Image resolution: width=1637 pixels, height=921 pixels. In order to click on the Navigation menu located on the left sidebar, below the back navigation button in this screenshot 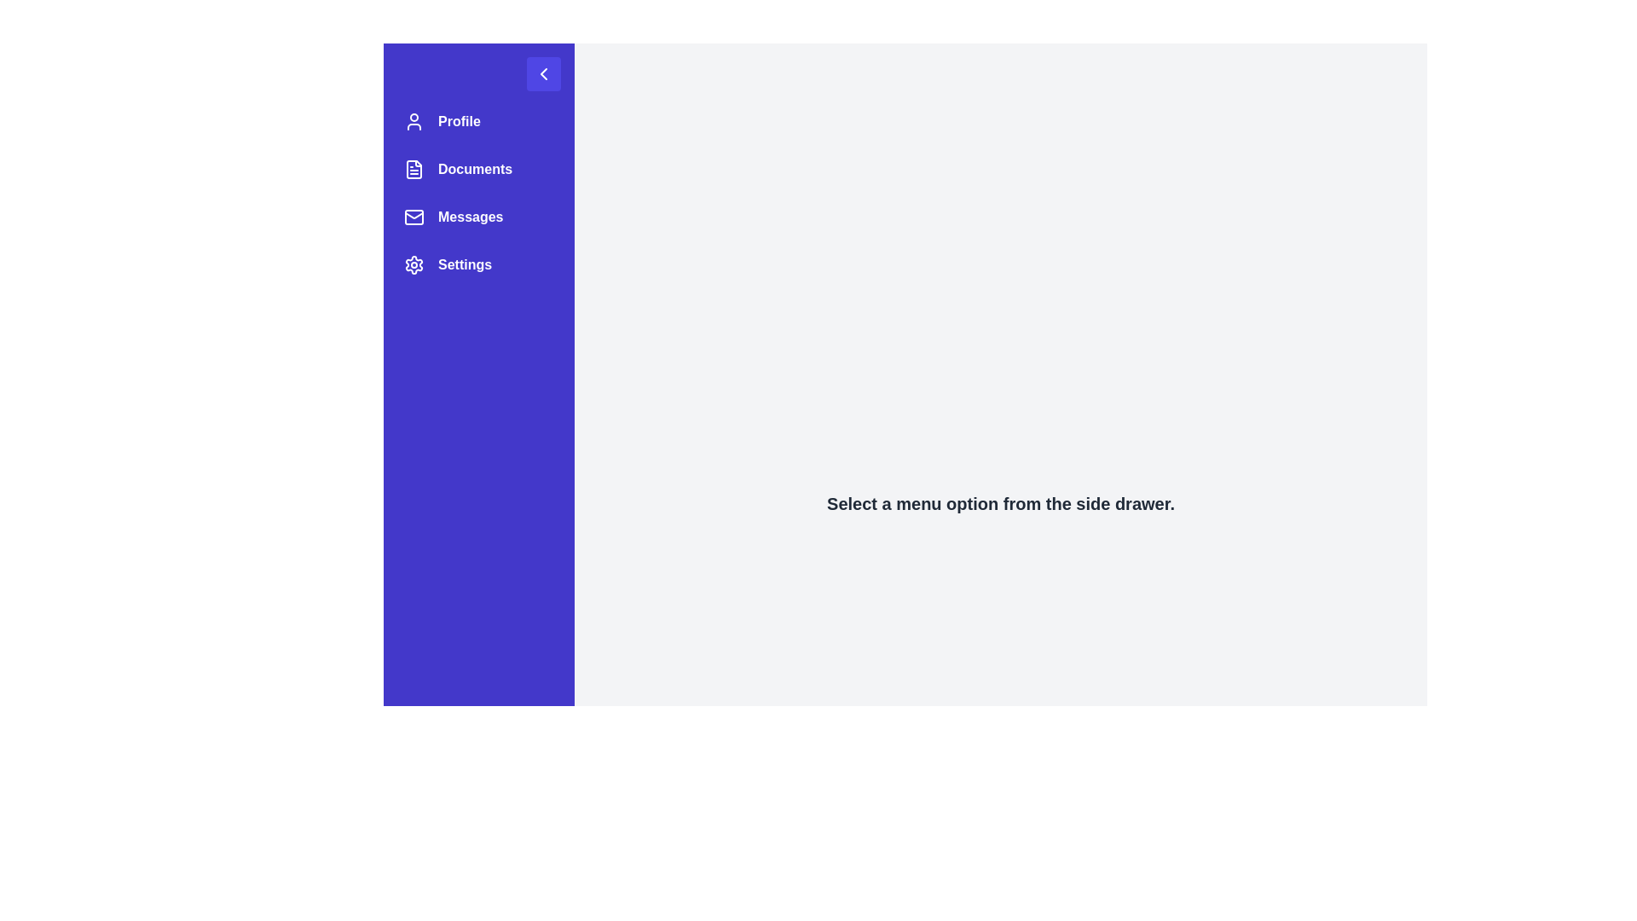, I will do `click(477, 193)`.